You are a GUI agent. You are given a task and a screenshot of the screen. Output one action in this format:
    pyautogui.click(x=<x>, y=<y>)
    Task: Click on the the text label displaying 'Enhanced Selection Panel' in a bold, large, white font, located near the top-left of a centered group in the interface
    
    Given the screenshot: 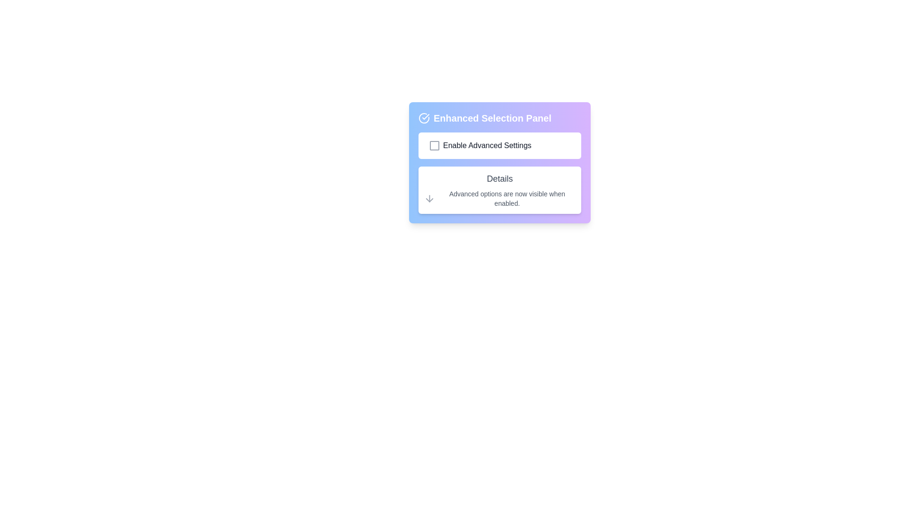 What is the action you would take?
    pyautogui.click(x=492, y=118)
    